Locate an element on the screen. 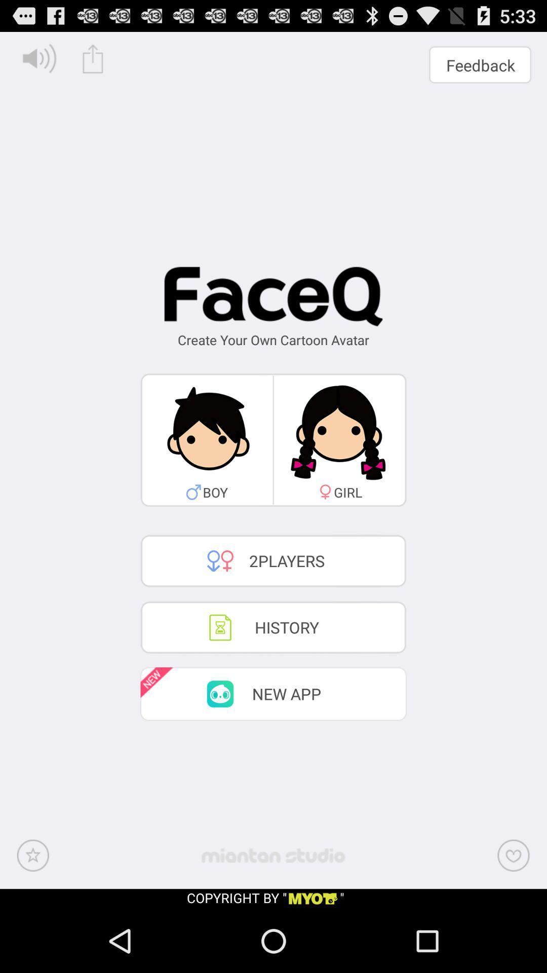  the volume icon is located at coordinates (39, 58).